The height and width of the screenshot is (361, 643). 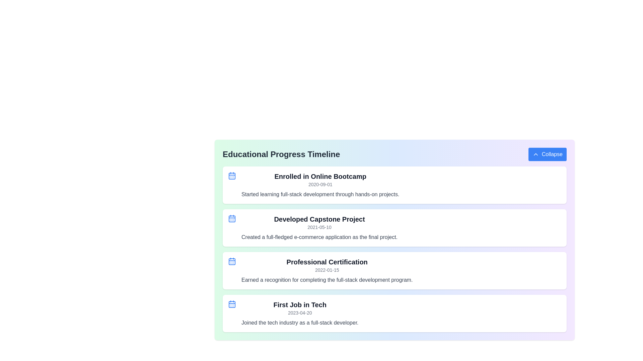 What do you see at coordinates (232, 304) in the screenshot?
I see `the calendar icon located to the left of the 'First Job in Tech' text and above the date '2023-04-20'` at bounding box center [232, 304].